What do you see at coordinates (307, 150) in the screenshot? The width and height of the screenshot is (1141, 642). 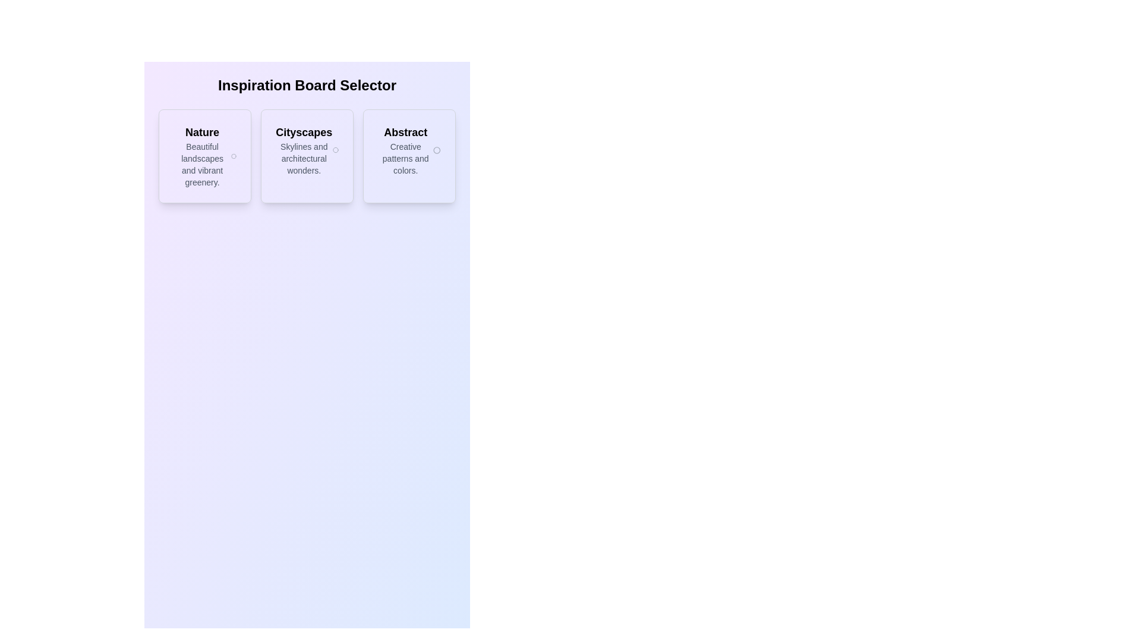 I see `the header text component within the second card` at bounding box center [307, 150].